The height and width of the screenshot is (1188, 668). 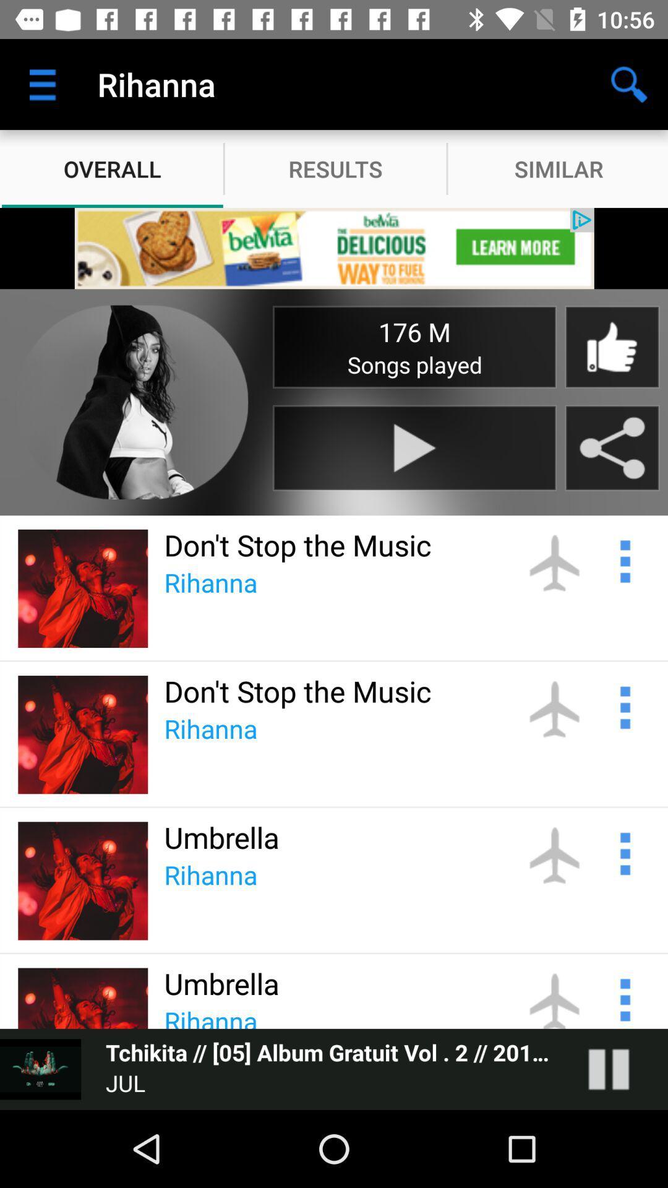 I want to click on pause music, so click(x=621, y=1069).